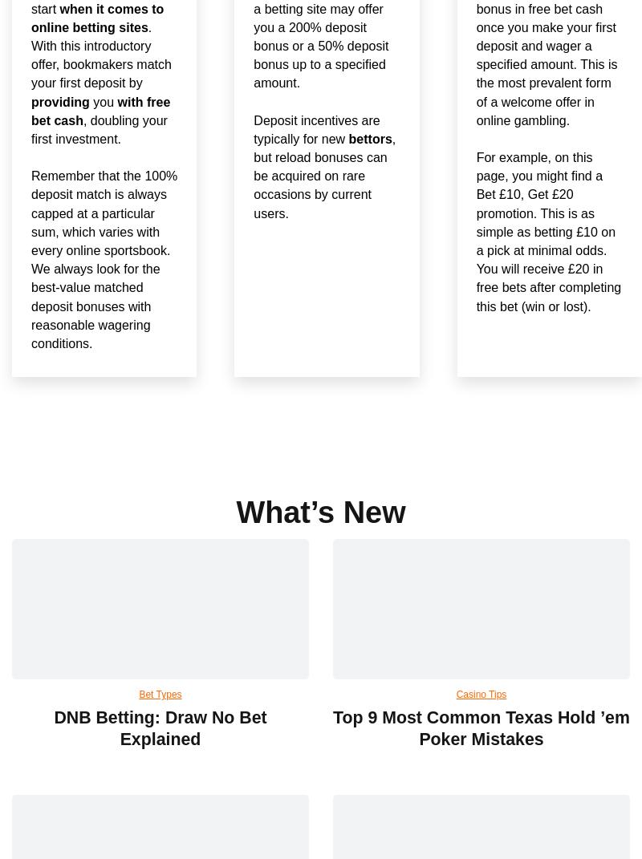  Describe the element at coordinates (480, 727) in the screenshot. I see `'Top 9 Most Common Texas Hold ’em Poker Mistakes'` at that location.